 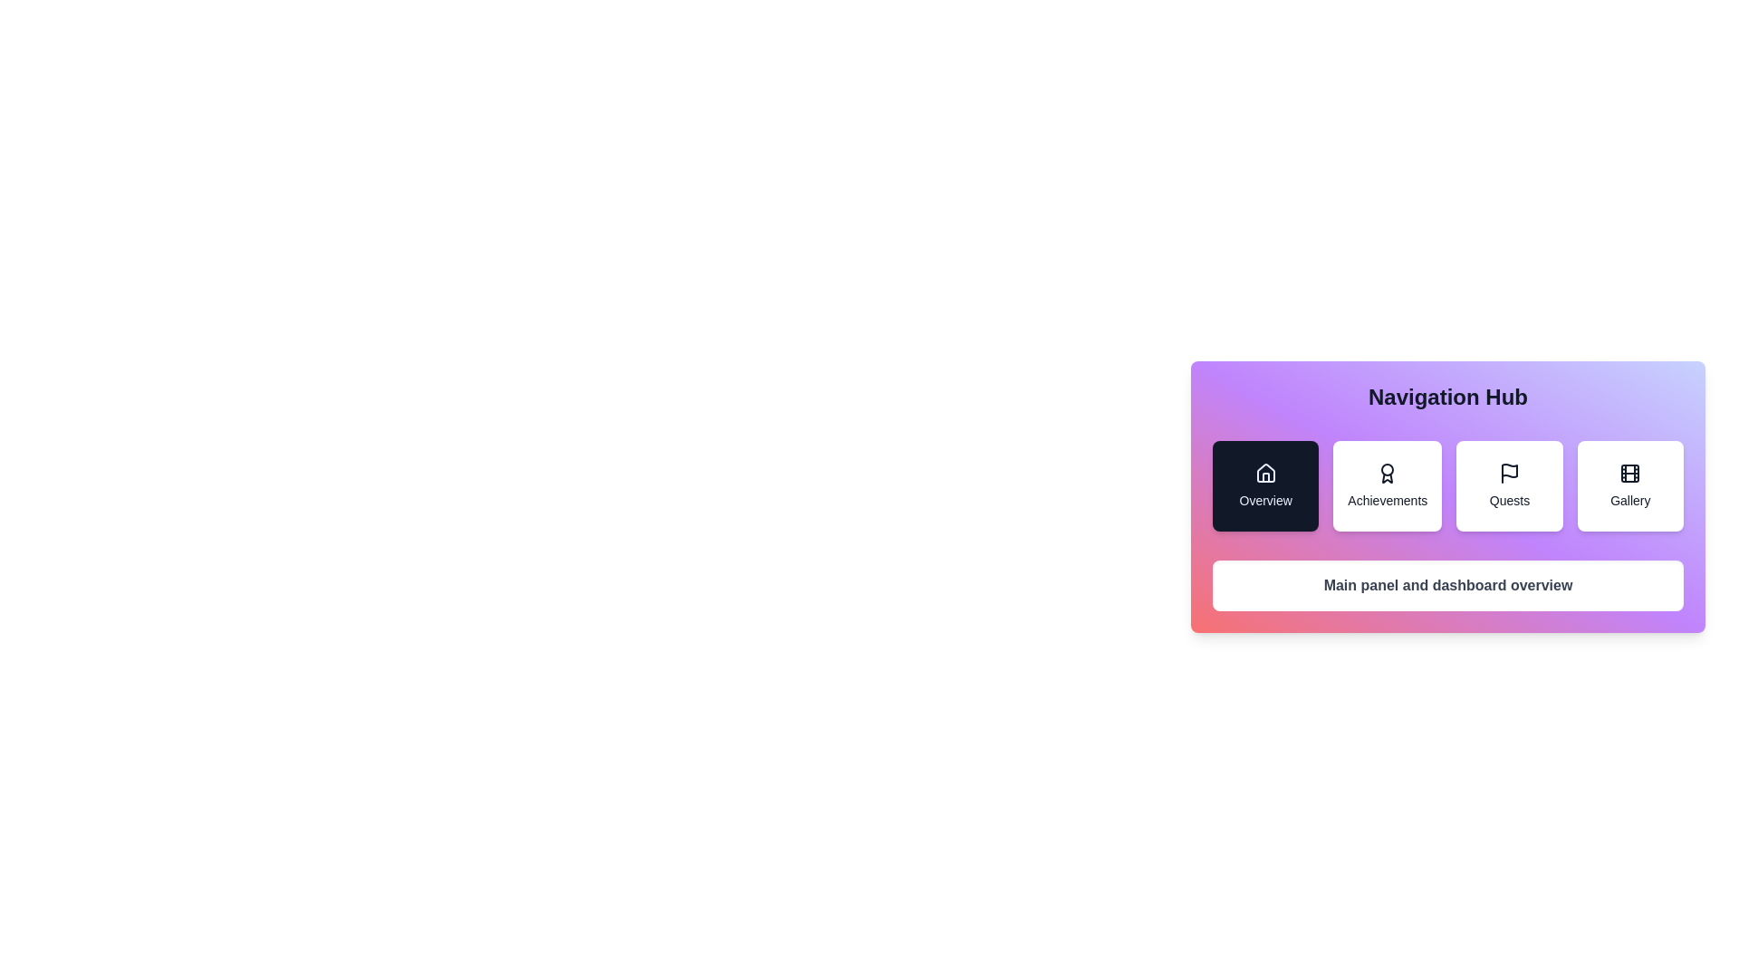 What do you see at coordinates (1509, 484) in the screenshot?
I see `the third button in the navigation hub` at bounding box center [1509, 484].